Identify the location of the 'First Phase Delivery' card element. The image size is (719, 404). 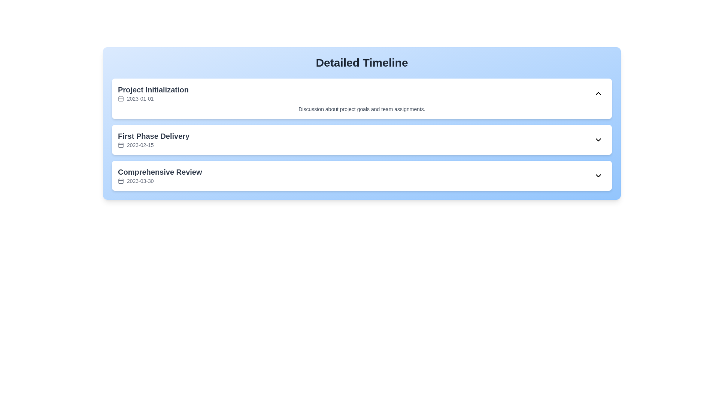
(362, 140).